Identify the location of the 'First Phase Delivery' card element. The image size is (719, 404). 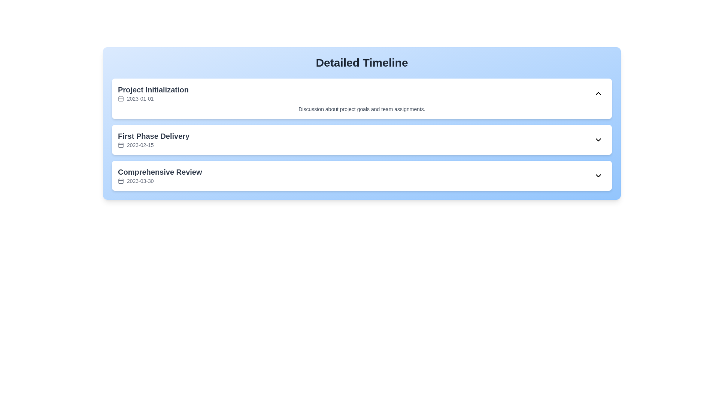
(362, 140).